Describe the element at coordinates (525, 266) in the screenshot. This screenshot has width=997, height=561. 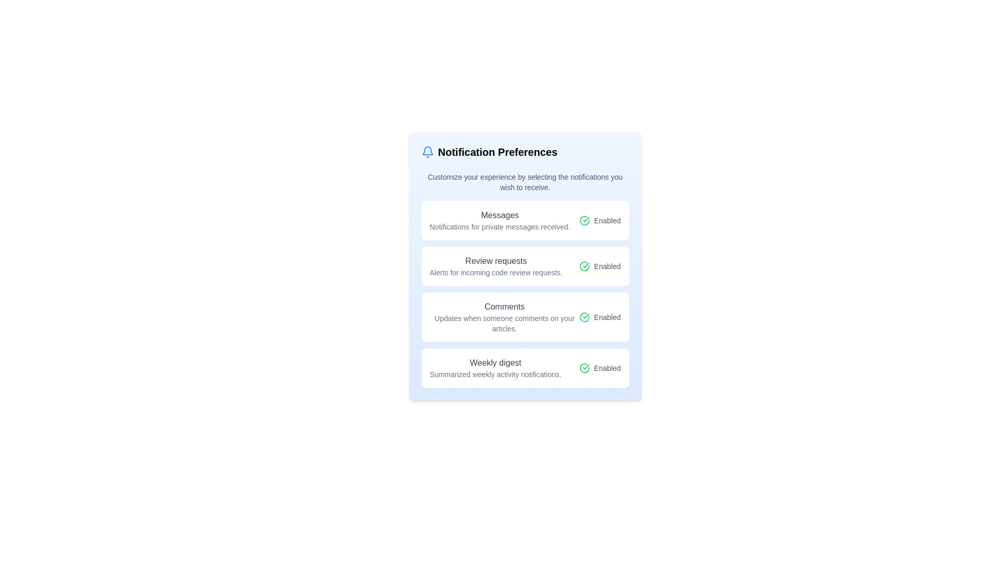
I see `the Notification setting toggle labeled 'Review requests', which contains a bold title and a green checkmark icon indicating it is 'Enabled'` at that location.